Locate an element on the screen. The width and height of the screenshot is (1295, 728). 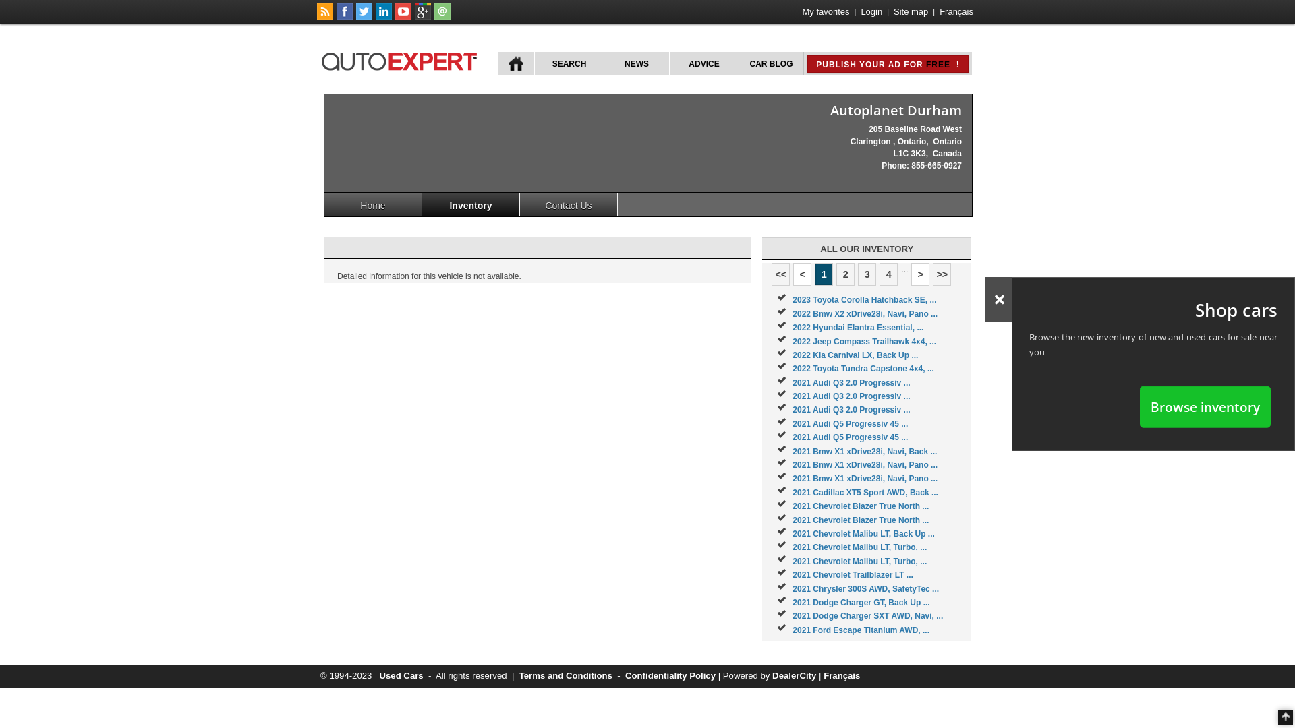
'Contact autoExpert.ca' is located at coordinates (442, 16).